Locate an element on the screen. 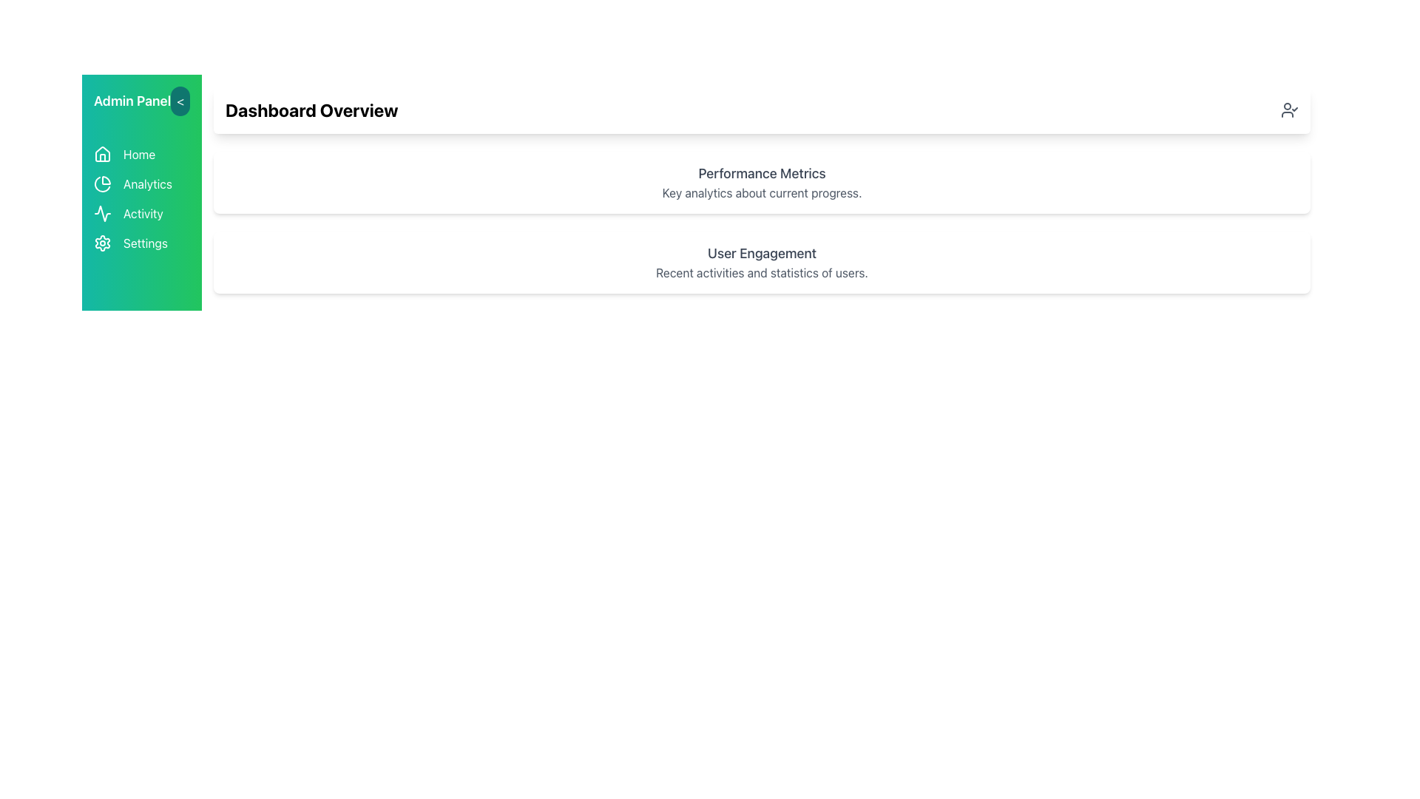 This screenshot has height=799, width=1420. the 'Analytics' clickable menu item, which is the second item in the vertical menu bar on the left side, featuring a pie chart icon and a green background is located at coordinates (142, 183).